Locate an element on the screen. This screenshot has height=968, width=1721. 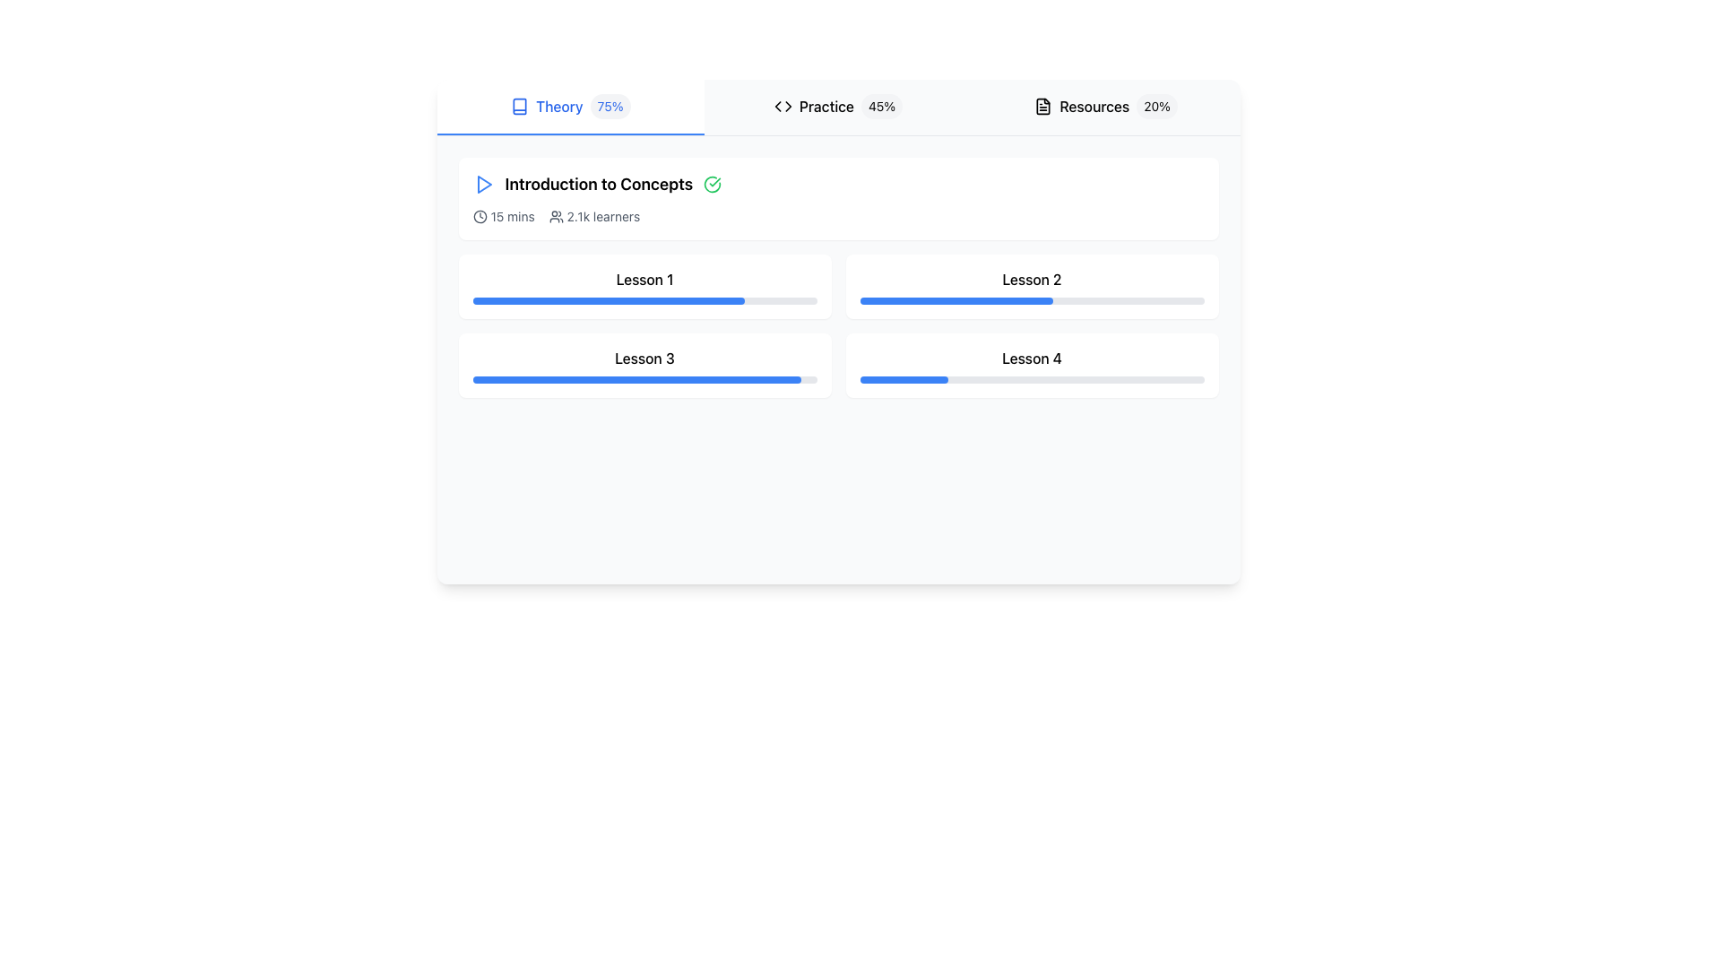
the 'Lesson 1' card, which is a rectangular card with a white background and rounded corners, located in the top-left corner of the grid layout is located at coordinates (644, 286).